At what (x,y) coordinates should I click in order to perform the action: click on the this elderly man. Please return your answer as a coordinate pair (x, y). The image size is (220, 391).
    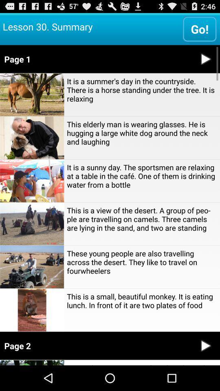
    Looking at the image, I should click on (141, 133).